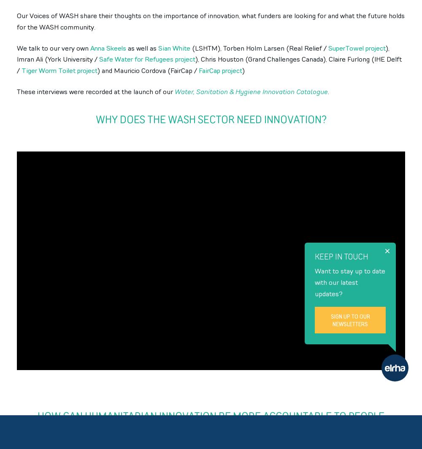 The height and width of the screenshot is (449, 422). Describe the element at coordinates (330, 320) in the screenshot. I see `'Sign up to our newsletters'` at that location.